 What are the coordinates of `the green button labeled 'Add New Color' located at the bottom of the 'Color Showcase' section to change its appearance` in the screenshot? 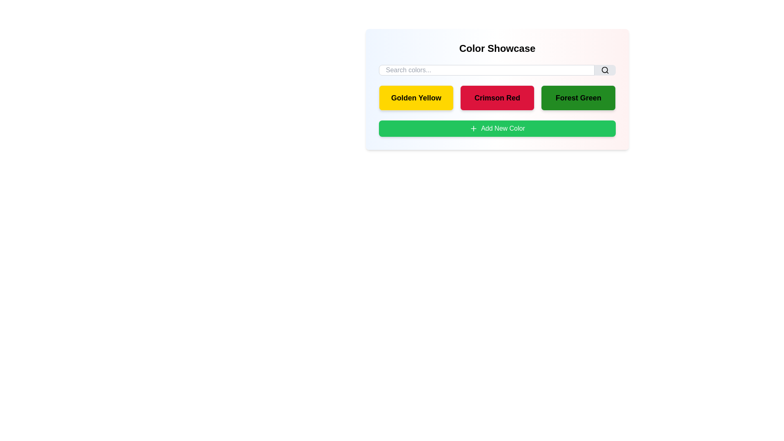 It's located at (497, 129).